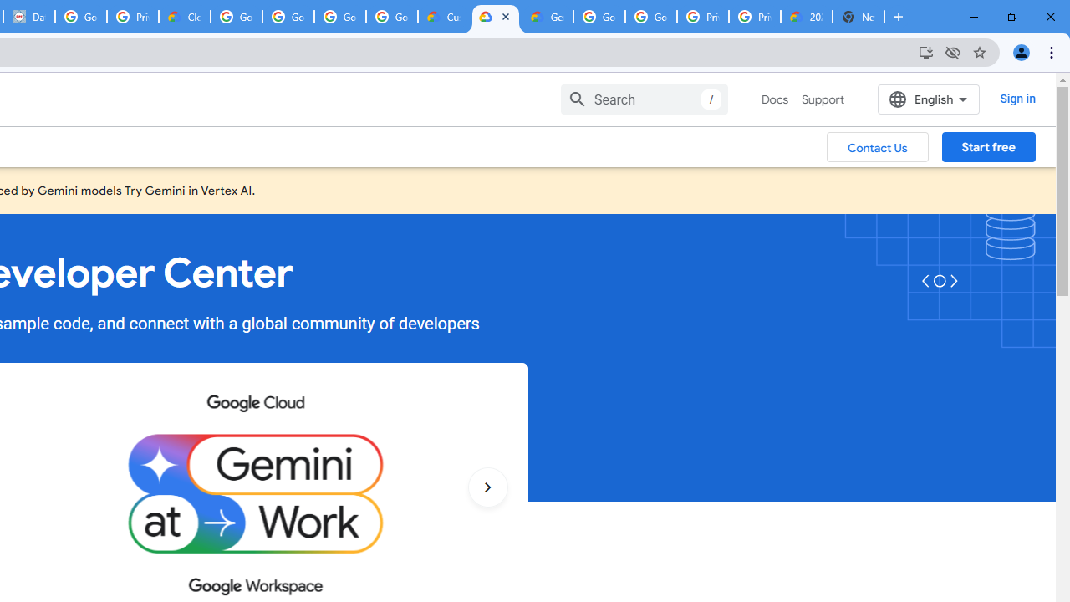 The width and height of the screenshot is (1070, 602). What do you see at coordinates (988, 145) in the screenshot?
I see `'Start free'` at bounding box center [988, 145].